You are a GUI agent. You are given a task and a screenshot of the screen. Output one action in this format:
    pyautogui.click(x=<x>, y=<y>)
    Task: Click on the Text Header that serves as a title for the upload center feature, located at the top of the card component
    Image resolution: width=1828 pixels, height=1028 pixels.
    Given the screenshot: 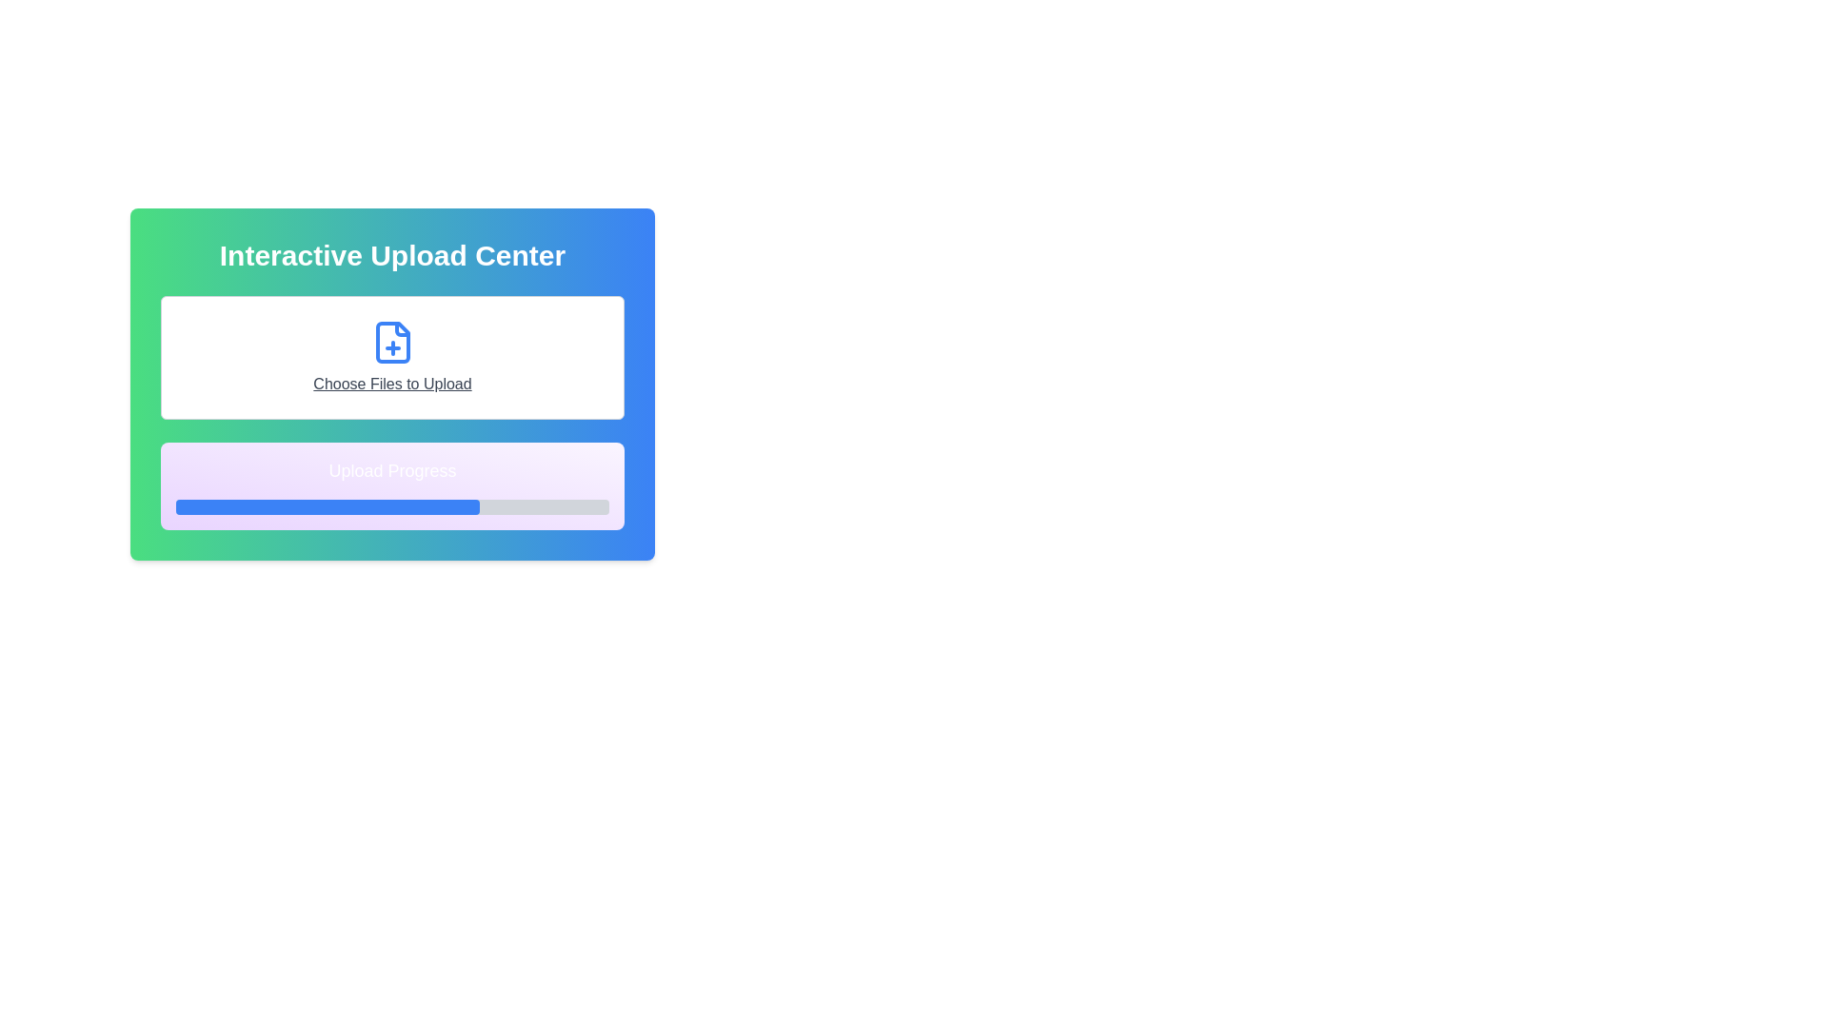 What is the action you would take?
    pyautogui.click(x=391, y=255)
    